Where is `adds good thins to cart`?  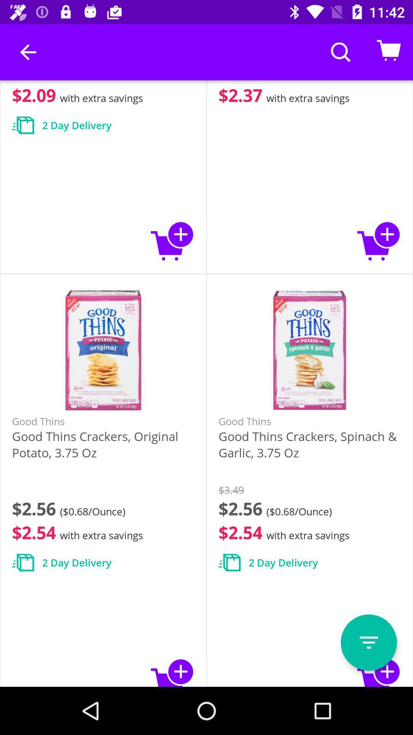
adds good thins to cart is located at coordinates (172, 671).